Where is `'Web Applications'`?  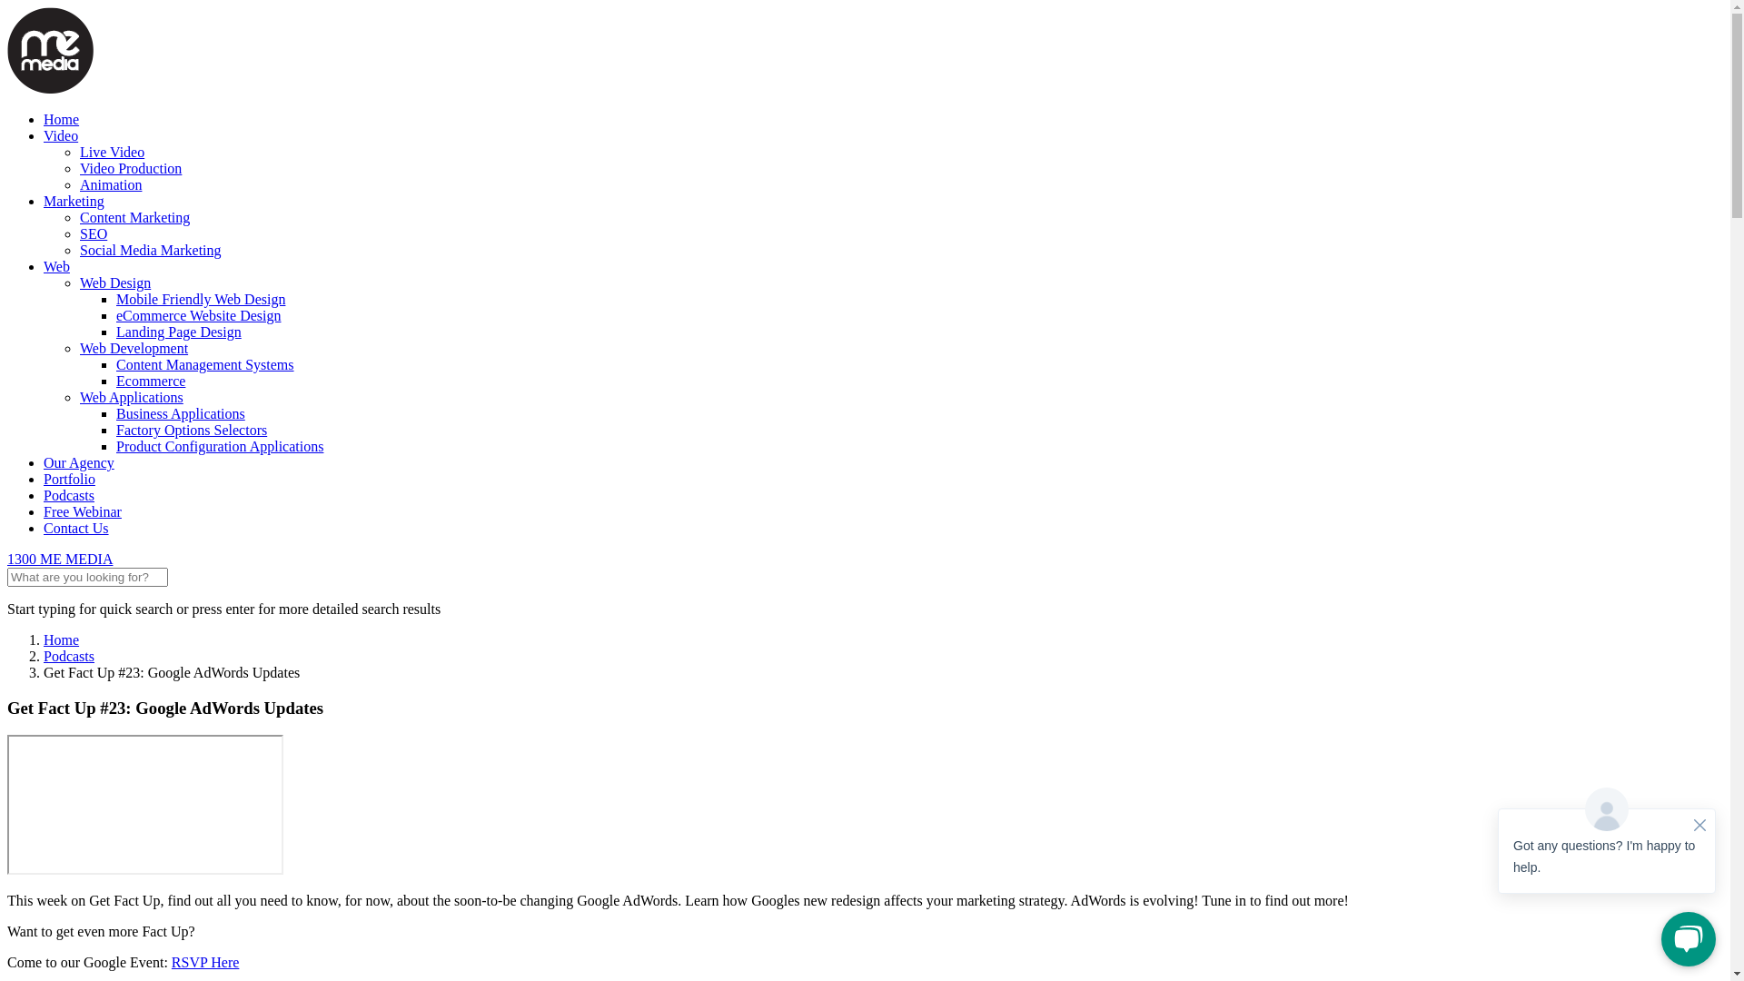 'Web Applications' is located at coordinates (130, 396).